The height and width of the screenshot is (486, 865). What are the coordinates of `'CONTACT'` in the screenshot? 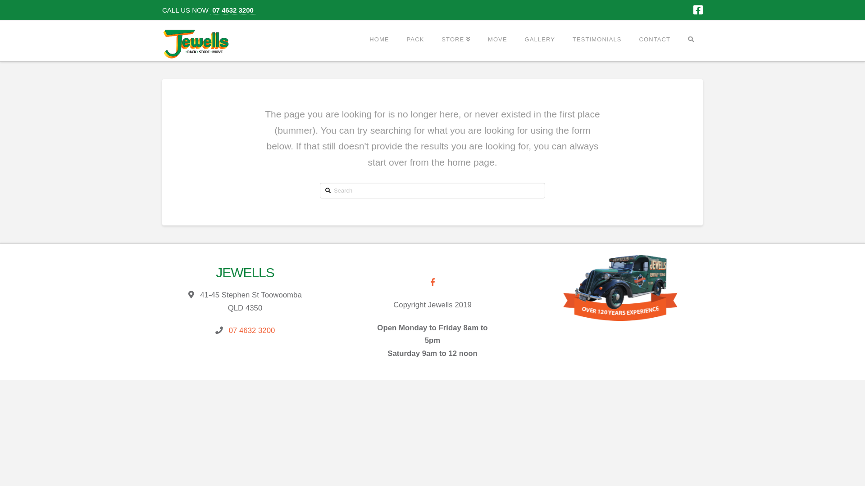 It's located at (629, 39).